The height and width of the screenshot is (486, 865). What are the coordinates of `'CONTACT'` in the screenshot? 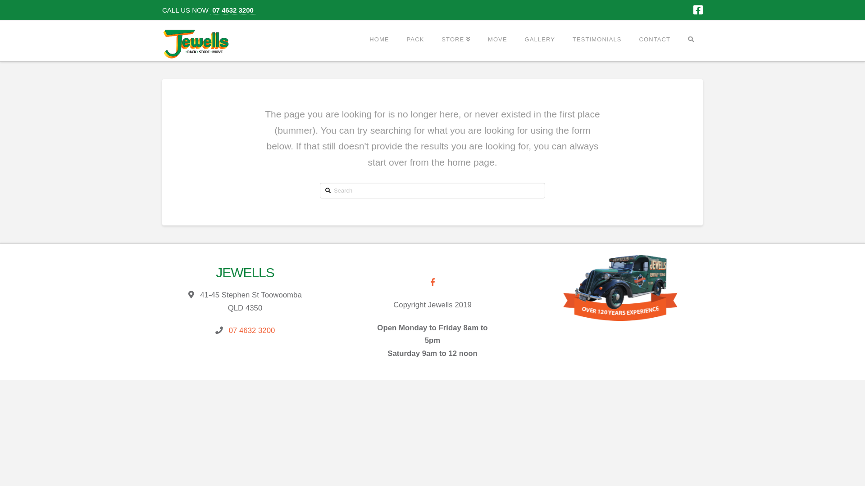 It's located at (629, 39).